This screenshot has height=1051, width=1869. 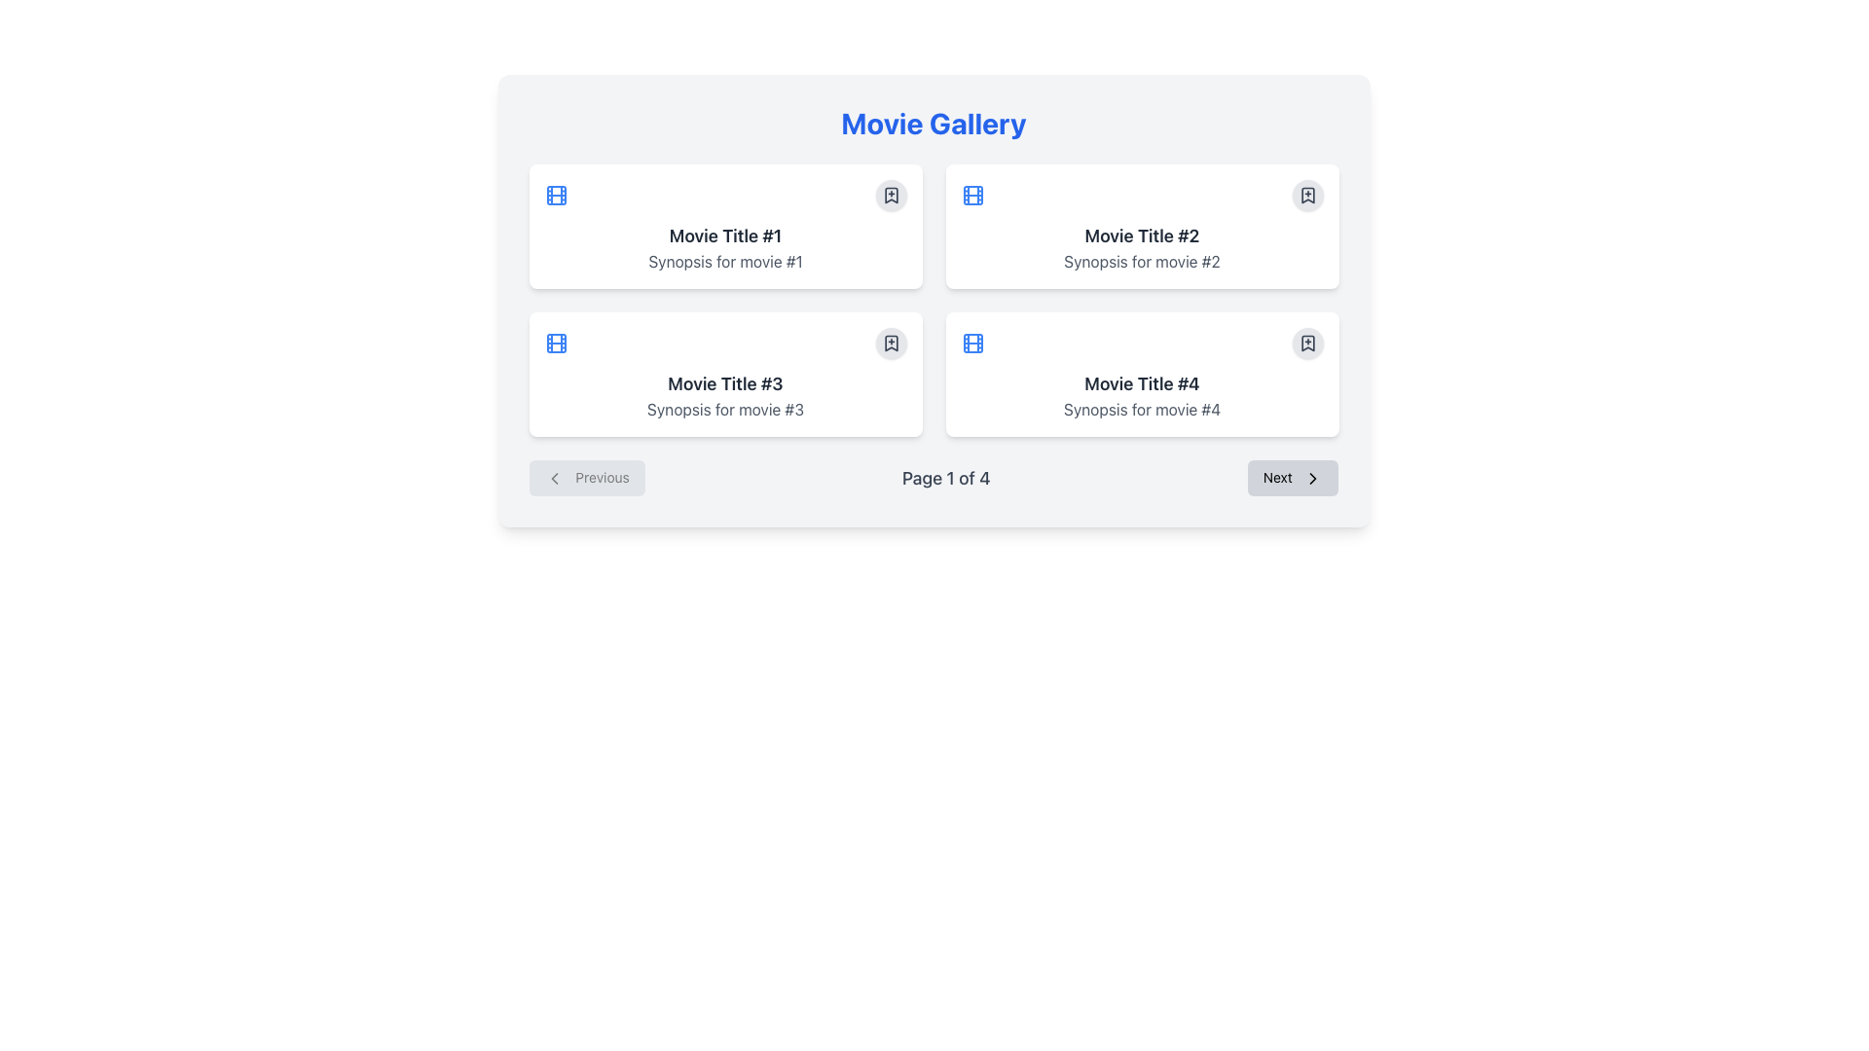 I want to click on the bookmarking button located, so click(x=890, y=195).